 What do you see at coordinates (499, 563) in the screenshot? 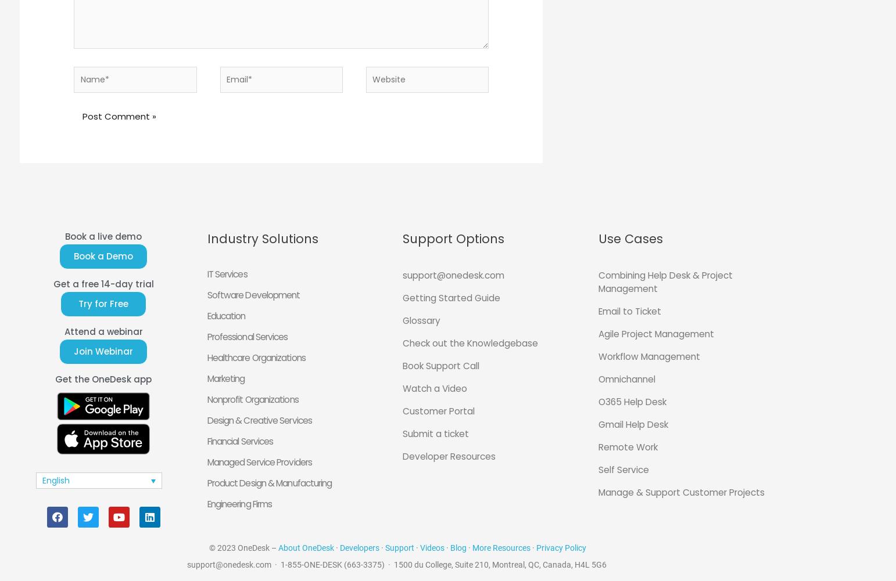
I see `'1500 du College, Suite 210, Montreal, QC, Canada, H4L 5G6'` at bounding box center [499, 563].